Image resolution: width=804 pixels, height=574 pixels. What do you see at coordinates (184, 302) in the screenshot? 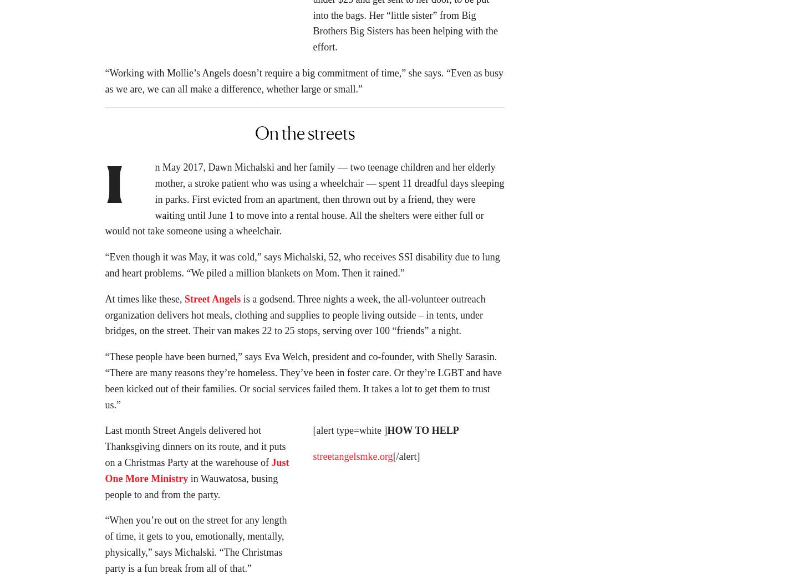
I see `'Street Angels'` at bounding box center [184, 302].